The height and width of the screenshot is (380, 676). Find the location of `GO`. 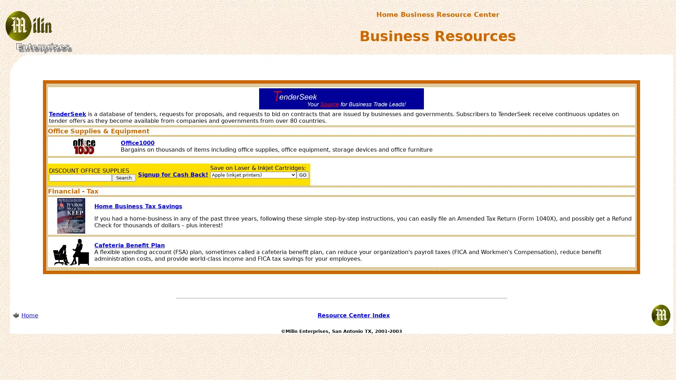

GO is located at coordinates (302, 175).